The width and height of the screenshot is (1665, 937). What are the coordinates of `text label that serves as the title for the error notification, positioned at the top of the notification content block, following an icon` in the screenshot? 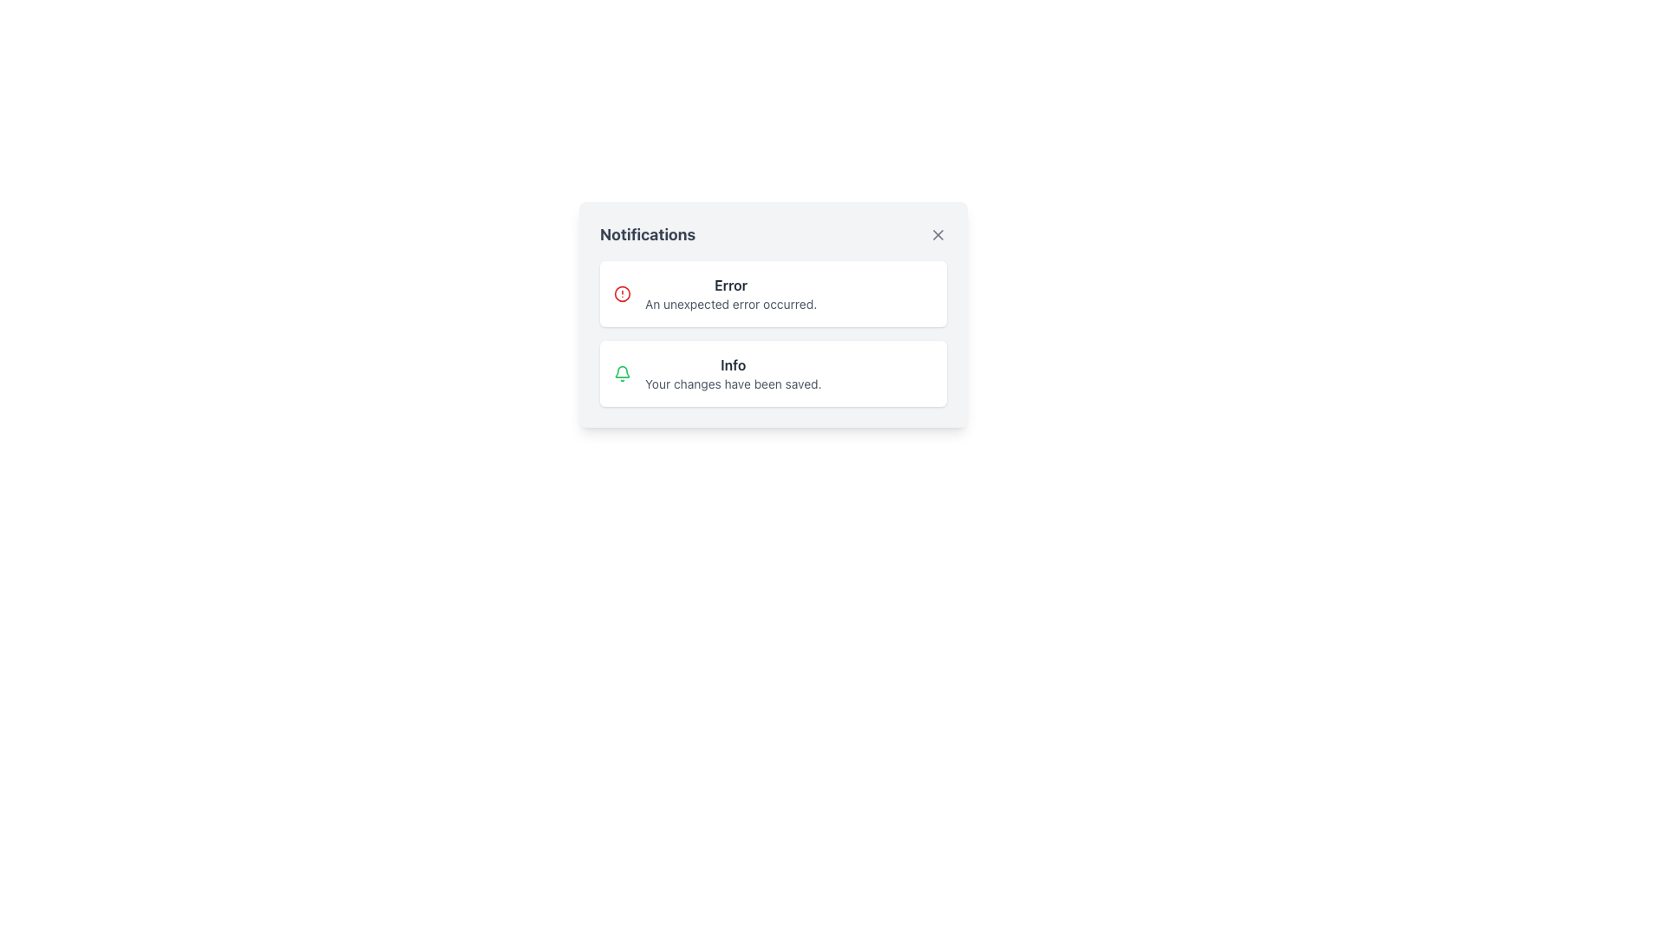 It's located at (731, 284).